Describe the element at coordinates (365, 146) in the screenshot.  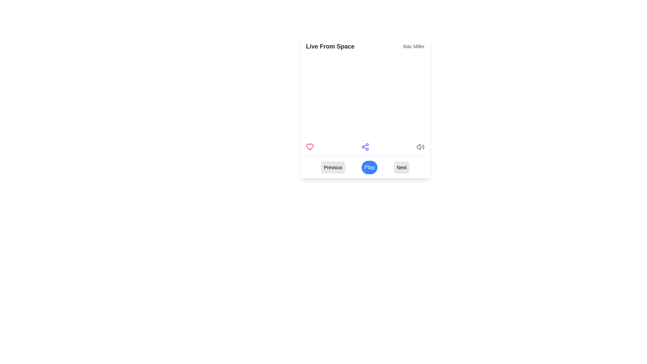
I see `the icons on the control bar located at the bottom of the card, directly above the 'Previous,' 'Play,' and 'Next' buttons` at that location.